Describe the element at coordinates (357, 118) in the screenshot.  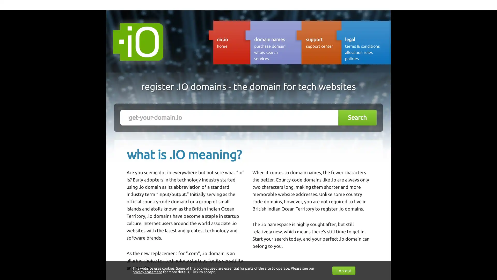
I see `Search` at that location.